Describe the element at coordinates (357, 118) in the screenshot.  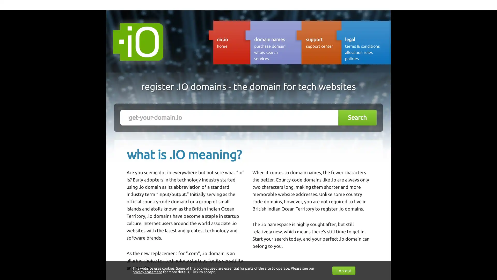
I see `Search` at that location.